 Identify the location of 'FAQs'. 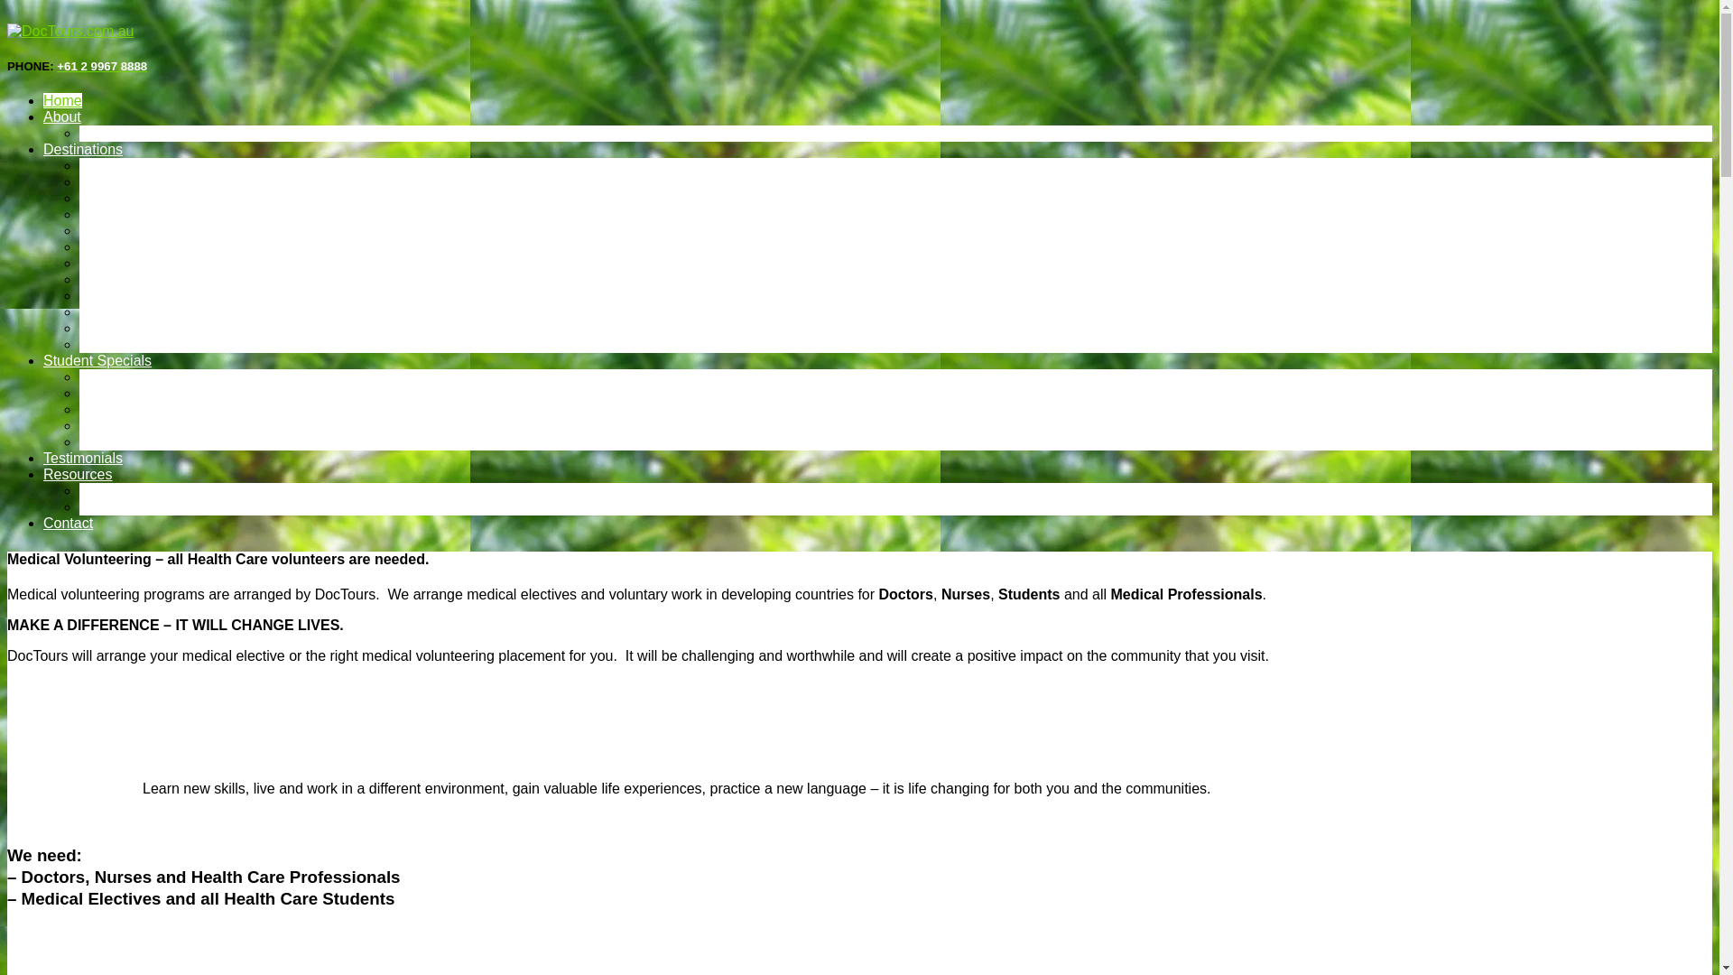
(96, 506).